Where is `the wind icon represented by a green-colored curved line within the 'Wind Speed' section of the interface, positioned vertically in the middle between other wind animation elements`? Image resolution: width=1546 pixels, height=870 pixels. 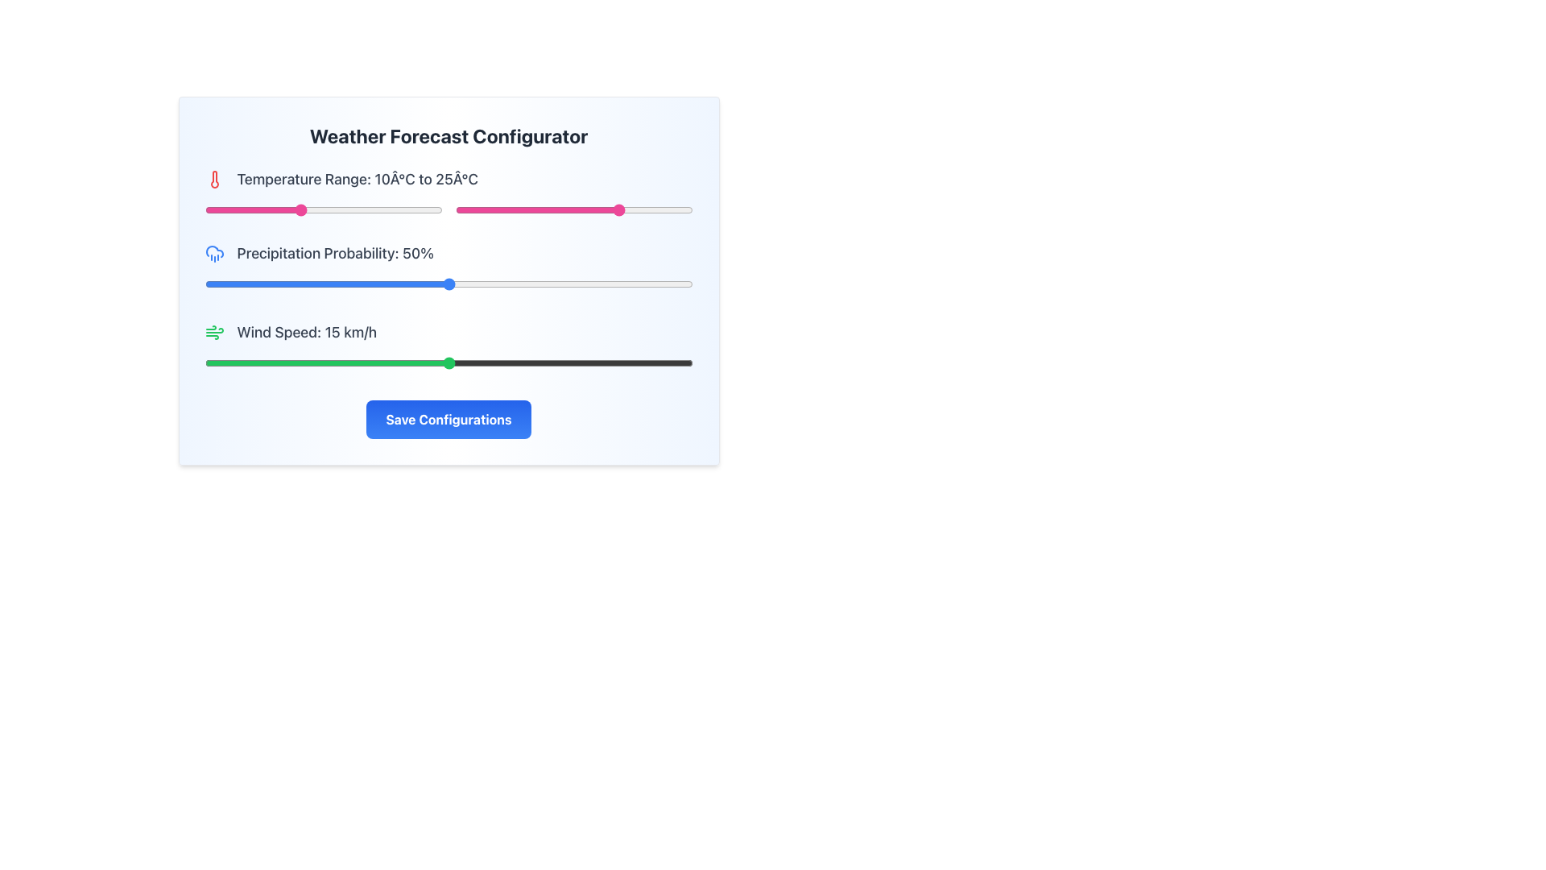
the wind icon represented by a green-colored curved line within the 'Wind Speed' section of the interface, positioned vertically in the middle between other wind animation elements is located at coordinates (213, 329).